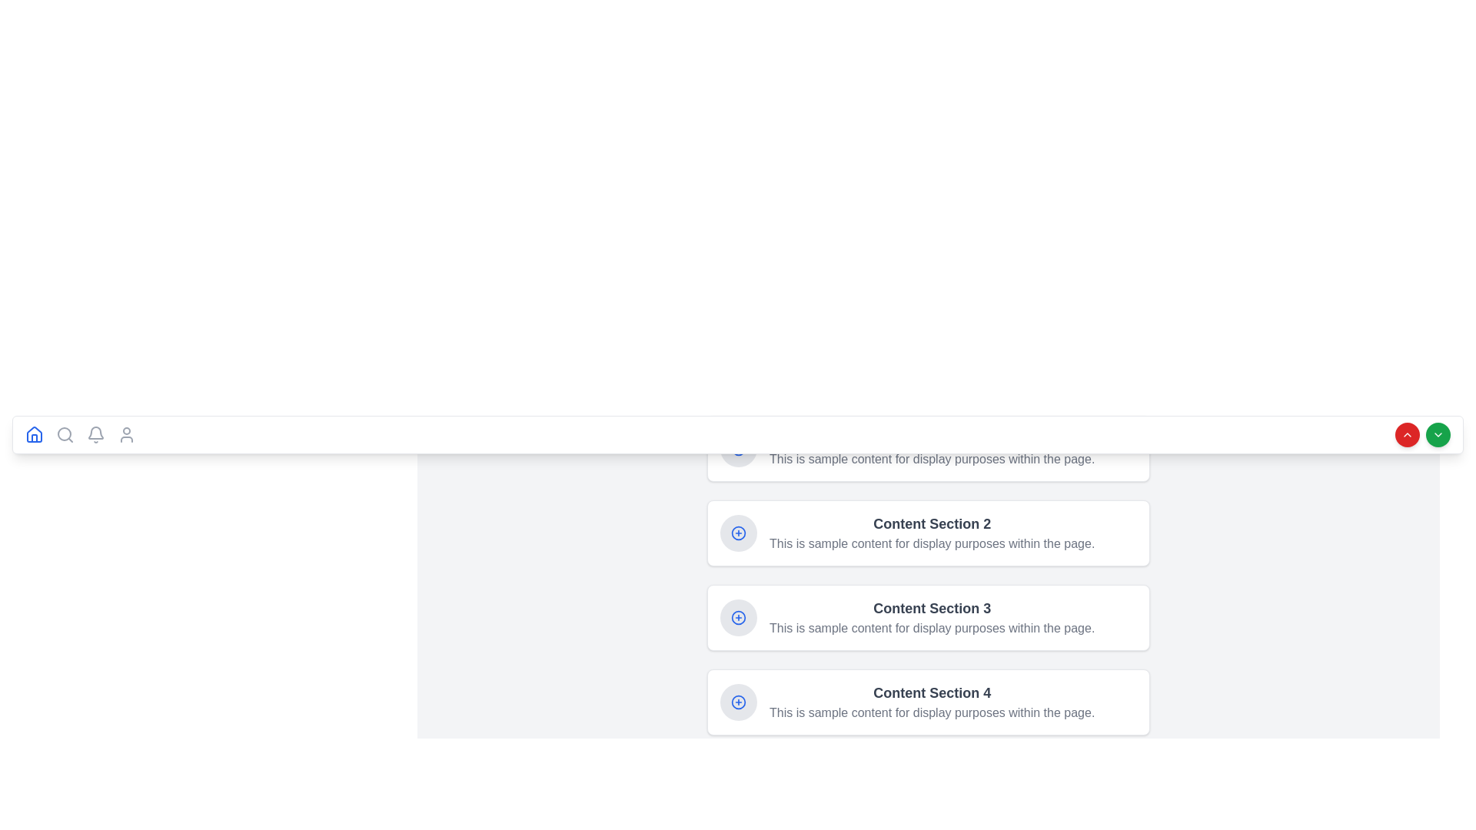  Describe the element at coordinates (738, 533) in the screenshot. I see `the interactive icon located on the left side of the 'Content Section 2' block` at that location.